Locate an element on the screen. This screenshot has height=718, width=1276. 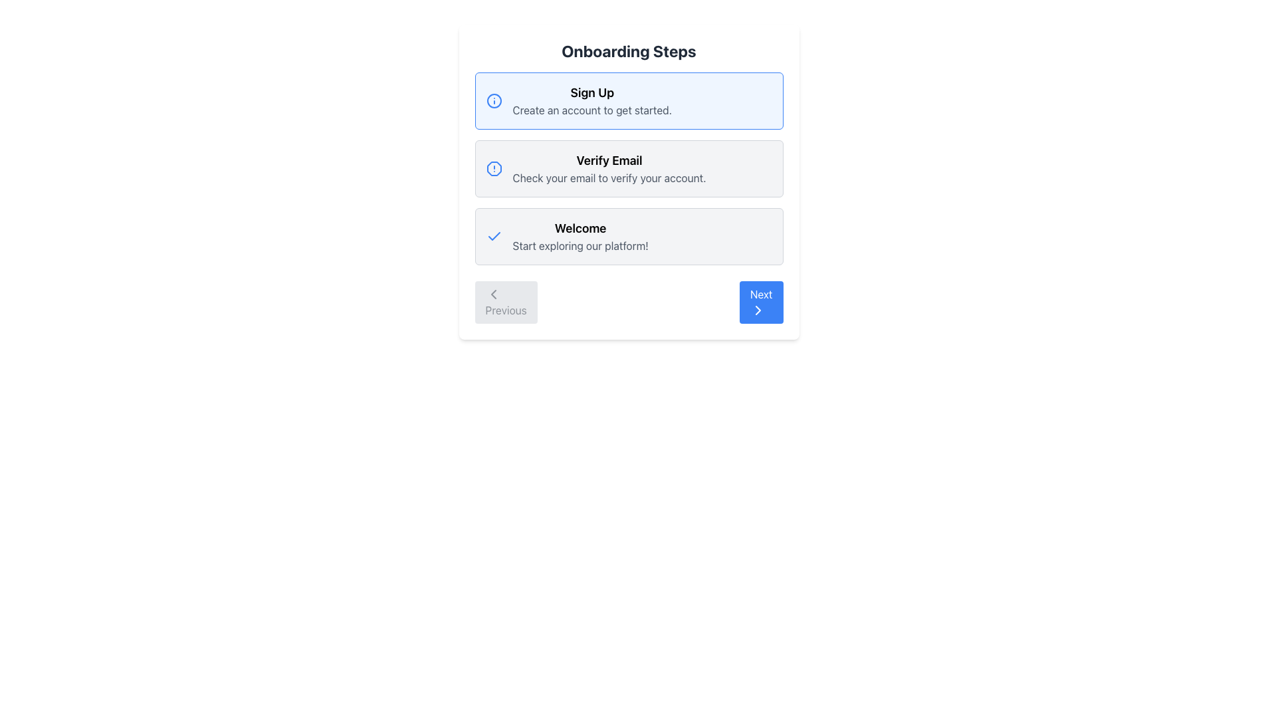
the leftward-pointing chevron icon within the 'Previous' button on the 'Onboarding Steps' card for navigation purposes is located at coordinates (492, 294).